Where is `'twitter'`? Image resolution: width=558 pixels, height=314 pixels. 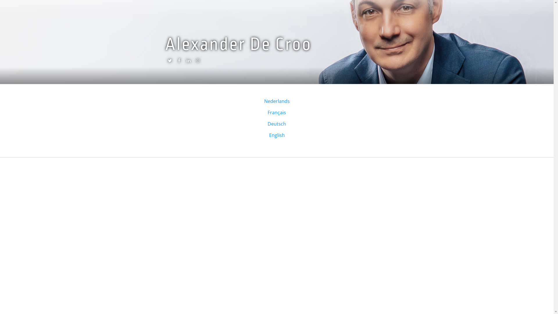 'twitter' is located at coordinates (169, 62).